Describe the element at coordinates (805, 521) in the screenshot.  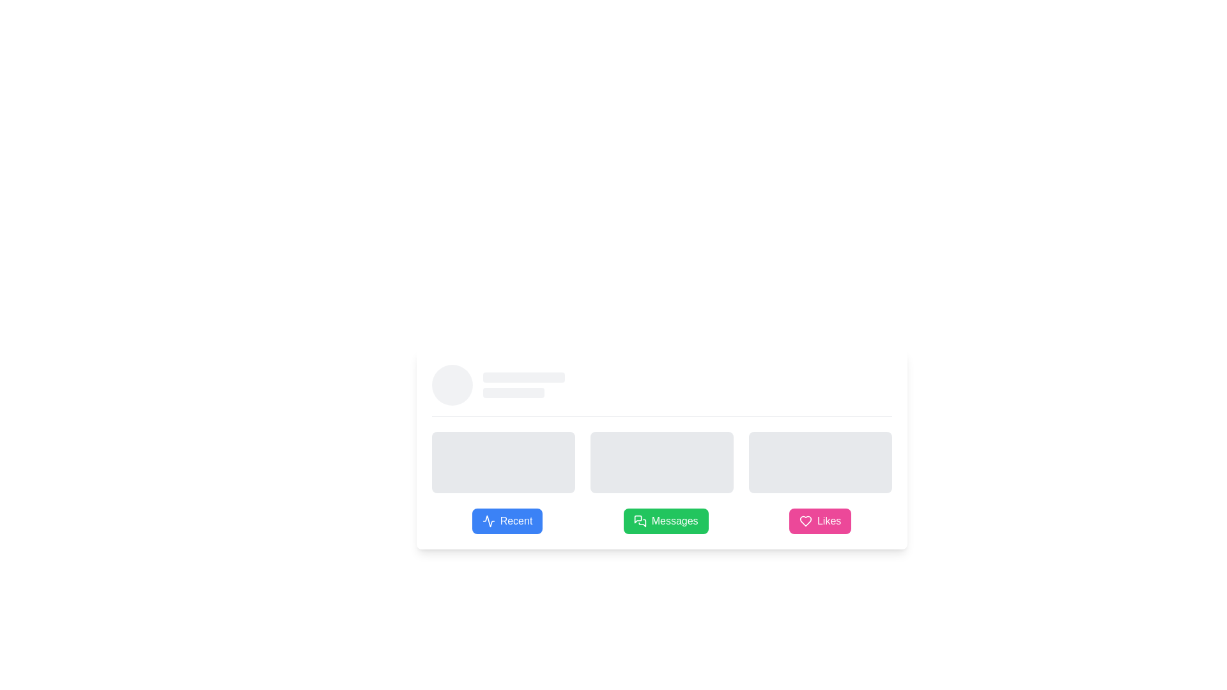
I see `the heart icon embedded in the 'Likes' button located at the bottom-right corner of the interface` at that location.